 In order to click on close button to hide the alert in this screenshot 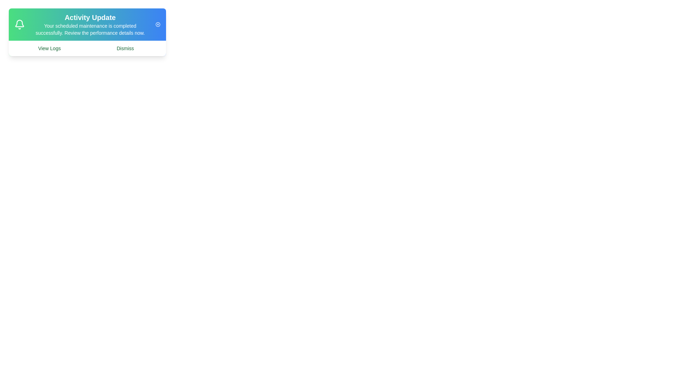, I will do `click(157, 24)`.